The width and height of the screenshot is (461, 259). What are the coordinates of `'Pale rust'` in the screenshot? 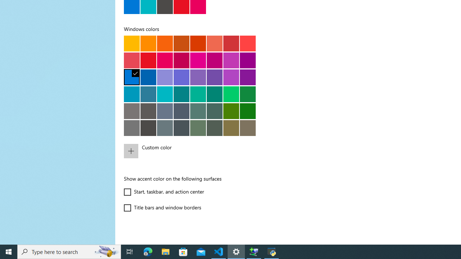 It's located at (214, 43).